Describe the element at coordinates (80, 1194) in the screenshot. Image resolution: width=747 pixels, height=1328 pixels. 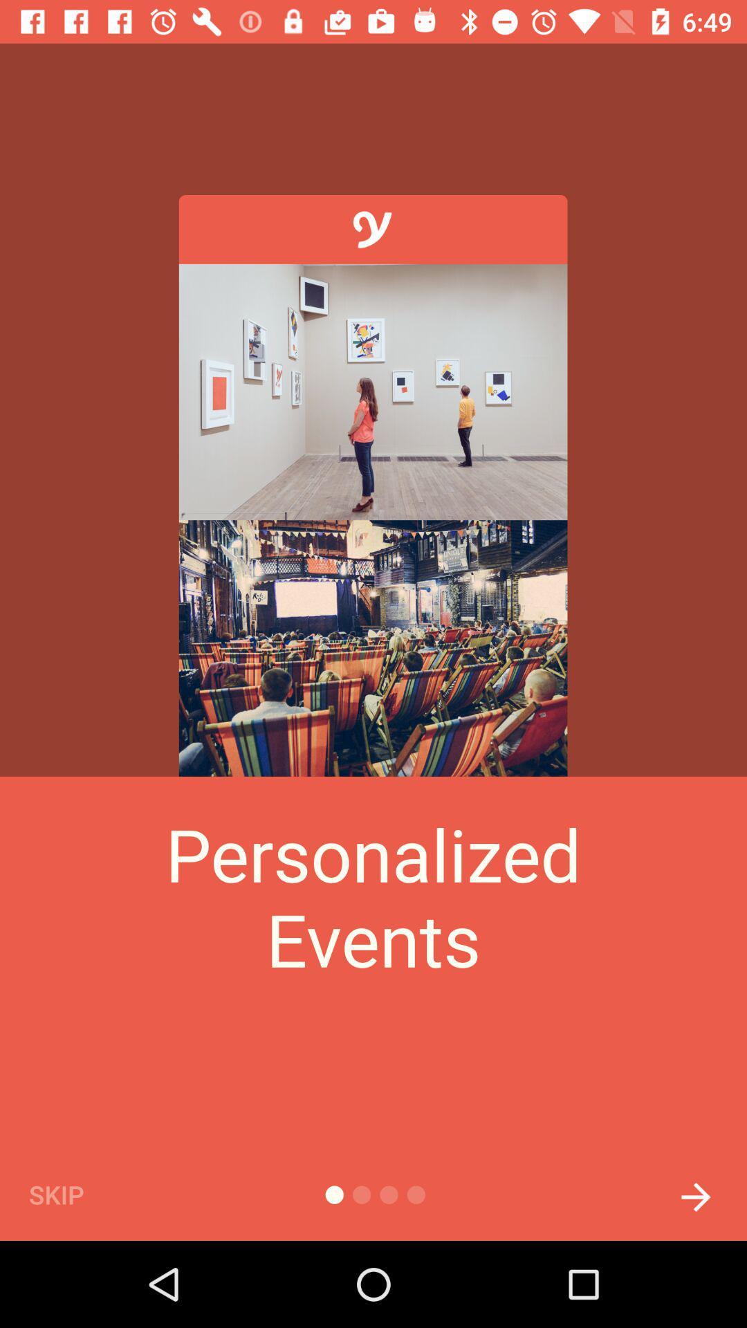
I see `skip at the bottom left corner` at that location.